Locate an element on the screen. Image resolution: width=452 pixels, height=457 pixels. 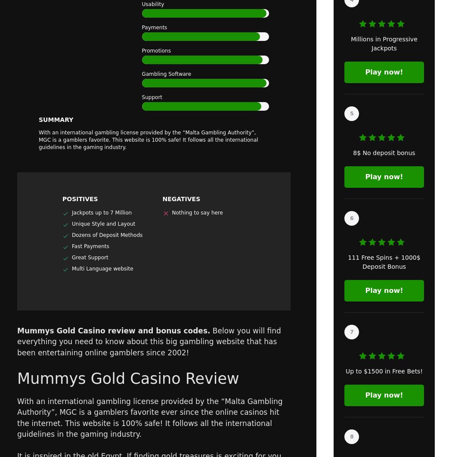
'Up to $1500 in Free Bets!' is located at coordinates (383, 371).